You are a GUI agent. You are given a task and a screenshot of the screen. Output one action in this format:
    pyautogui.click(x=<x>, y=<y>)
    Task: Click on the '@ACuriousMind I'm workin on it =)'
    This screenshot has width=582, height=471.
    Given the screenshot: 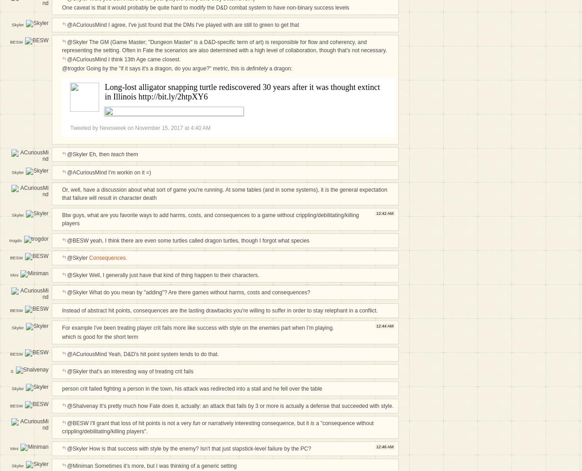 What is the action you would take?
    pyautogui.click(x=109, y=172)
    